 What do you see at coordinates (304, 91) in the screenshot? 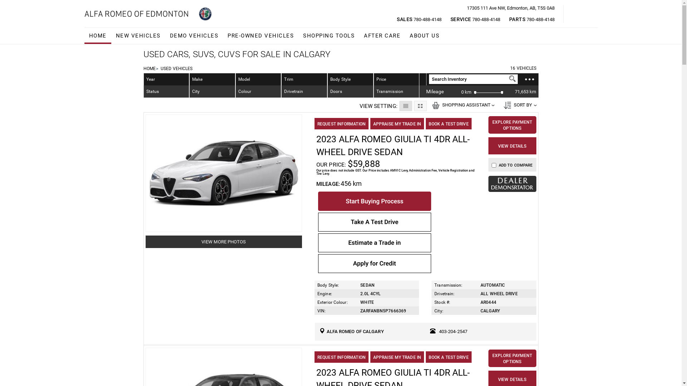
I see `'Drivetrain'` at bounding box center [304, 91].